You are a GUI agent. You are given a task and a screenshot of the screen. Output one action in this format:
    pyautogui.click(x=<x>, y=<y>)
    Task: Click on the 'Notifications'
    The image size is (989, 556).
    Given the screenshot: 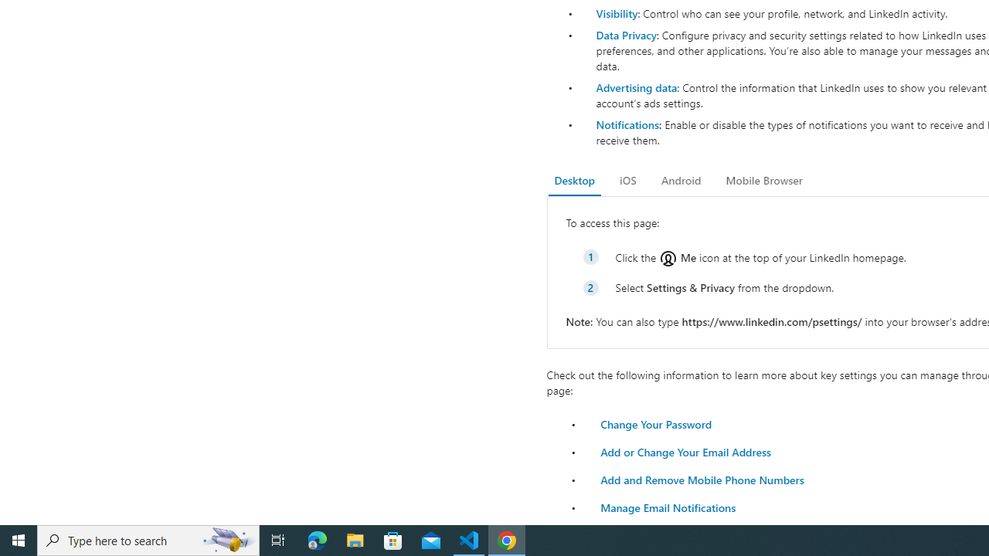 What is the action you would take?
    pyautogui.click(x=627, y=124)
    